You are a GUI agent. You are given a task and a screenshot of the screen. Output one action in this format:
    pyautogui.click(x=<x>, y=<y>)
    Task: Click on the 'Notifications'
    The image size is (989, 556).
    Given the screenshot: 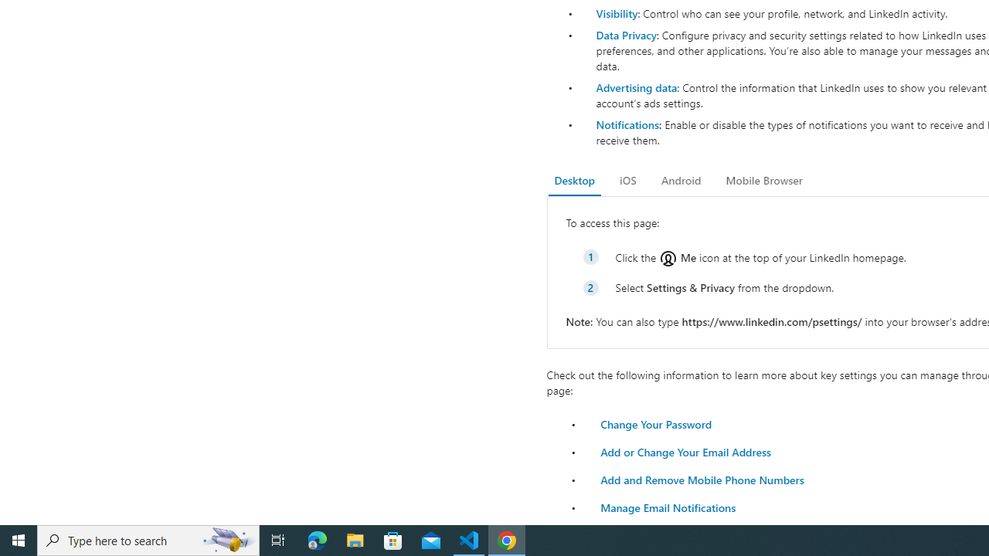 What is the action you would take?
    pyautogui.click(x=627, y=124)
    